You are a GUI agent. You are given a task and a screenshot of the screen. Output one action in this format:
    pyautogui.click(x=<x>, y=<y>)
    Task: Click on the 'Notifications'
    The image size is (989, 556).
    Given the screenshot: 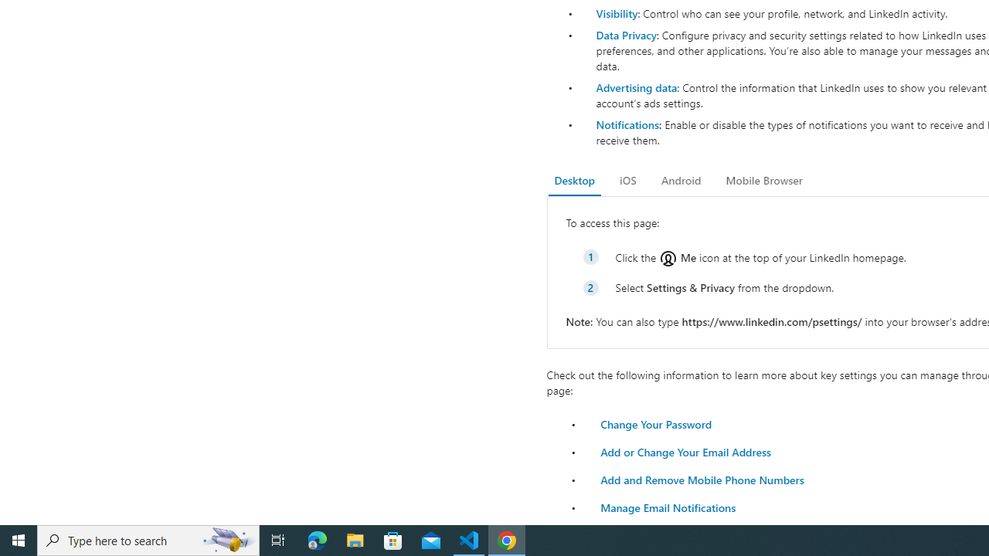 What is the action you would take?
    pyautogui.click(x=627, y=124)
    